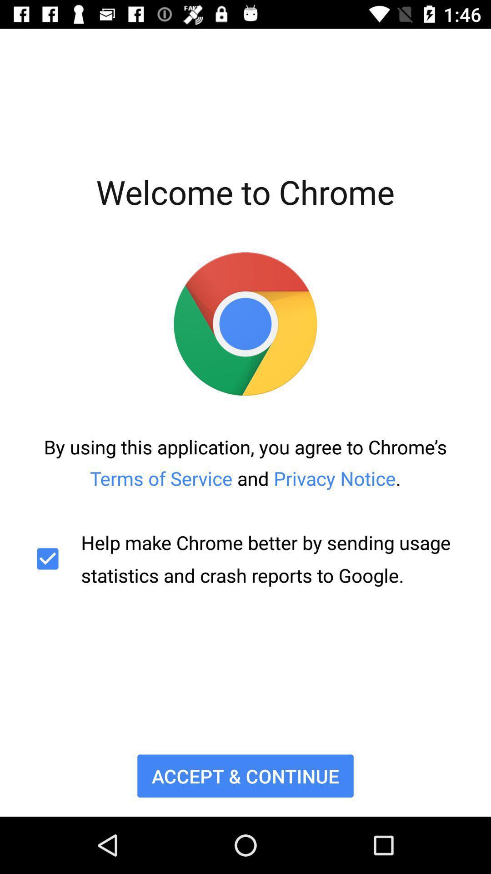  What do you see at coordinates (245, 775) in the screenshot?
I see `the icon below help make chrome` at bounding box center [245, 775].